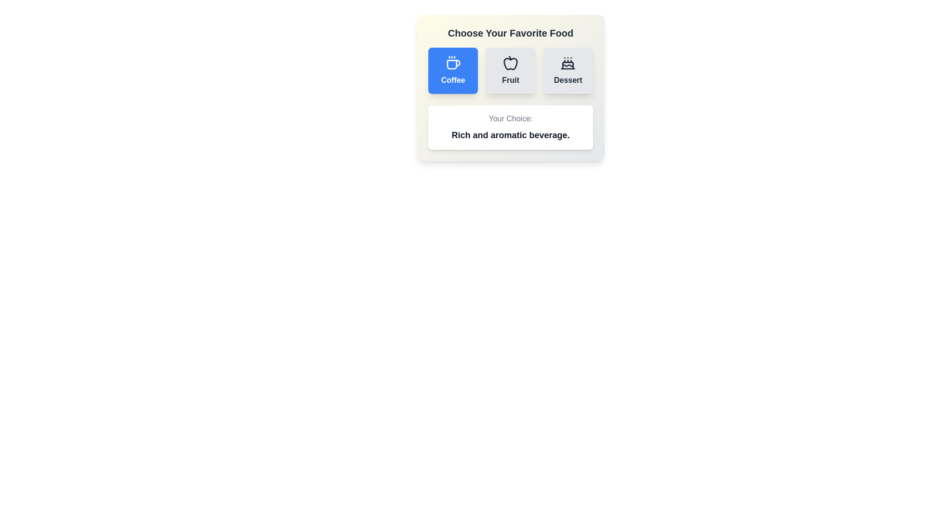 The width and height of the screenshot is (925, 520). Describe the element at coordinates (568, 70) in the screenshot. I see `the food option Dessert` at that location.